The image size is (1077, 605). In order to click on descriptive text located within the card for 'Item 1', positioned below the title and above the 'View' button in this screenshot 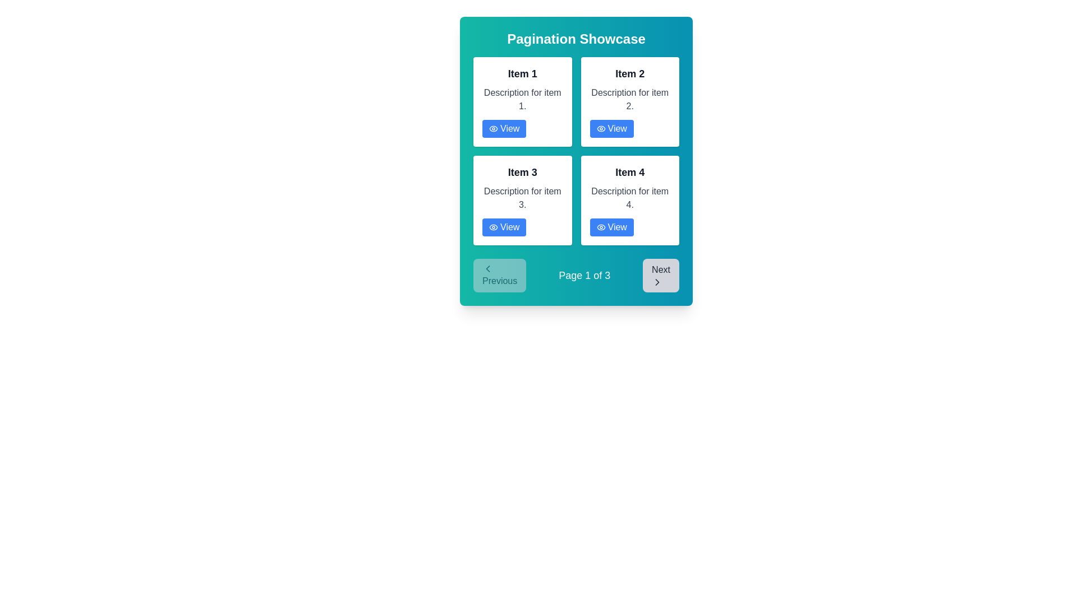, I will do `click(522, 99)`.